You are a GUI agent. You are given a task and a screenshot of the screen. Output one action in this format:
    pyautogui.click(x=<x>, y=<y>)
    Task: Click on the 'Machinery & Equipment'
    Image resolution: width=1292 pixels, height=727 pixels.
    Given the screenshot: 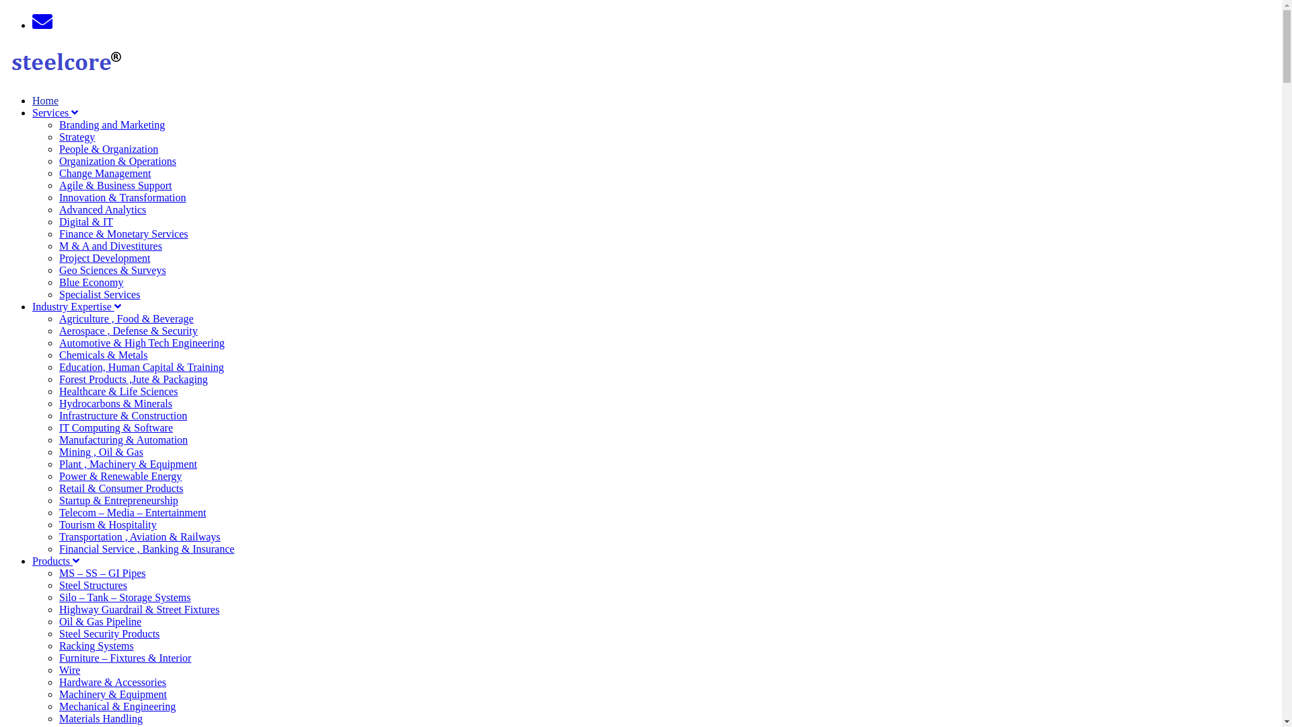 What is the action you would take?
    pyautogui.click(x=58, y=694)
    